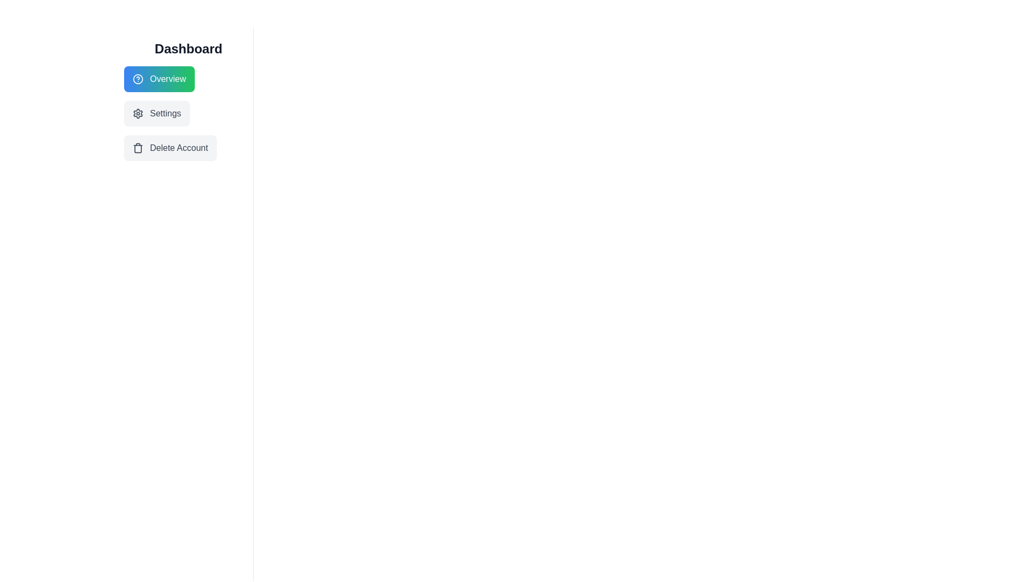  Describe the element at coordinates (165, 114) in the screenshot. I see `the 'Settings' text in the vertical navigation menu, which is the second option below 'Overview' and above 'Delete Account'` at that location.